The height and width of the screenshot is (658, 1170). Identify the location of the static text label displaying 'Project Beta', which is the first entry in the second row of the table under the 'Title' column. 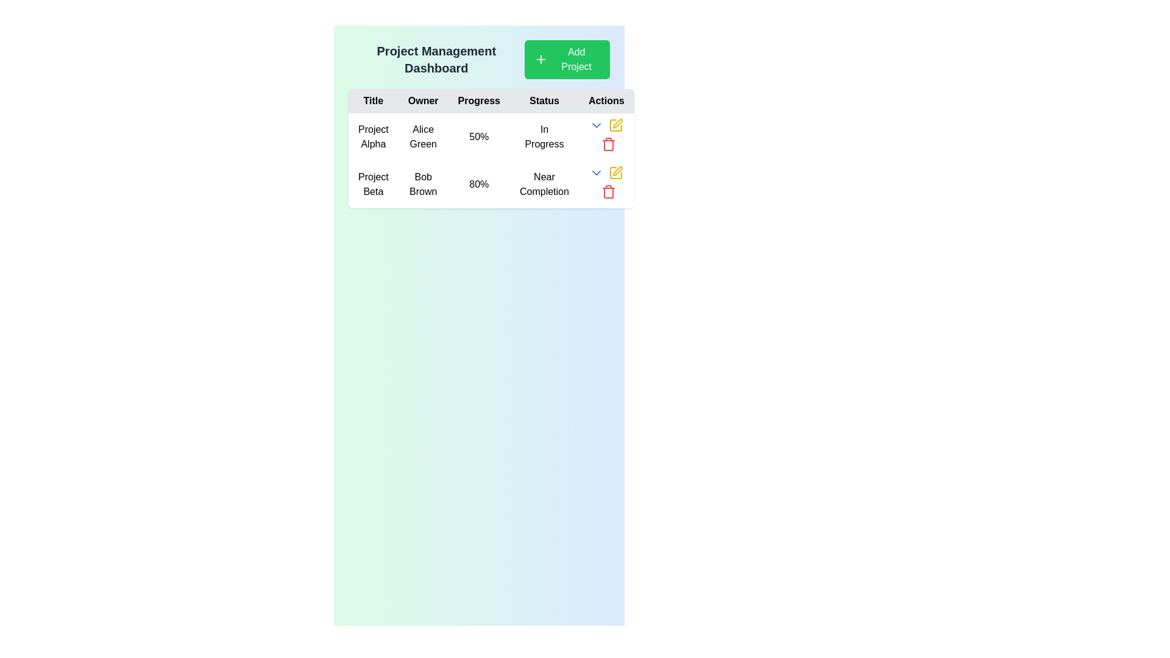
(372, 185).